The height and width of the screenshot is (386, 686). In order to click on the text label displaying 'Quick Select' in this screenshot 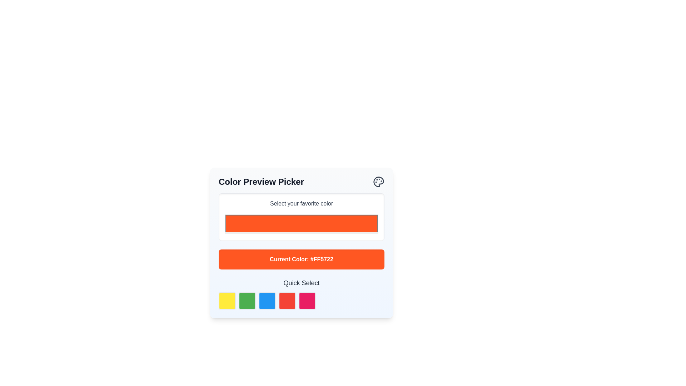, I will do `click(302, 282)`.